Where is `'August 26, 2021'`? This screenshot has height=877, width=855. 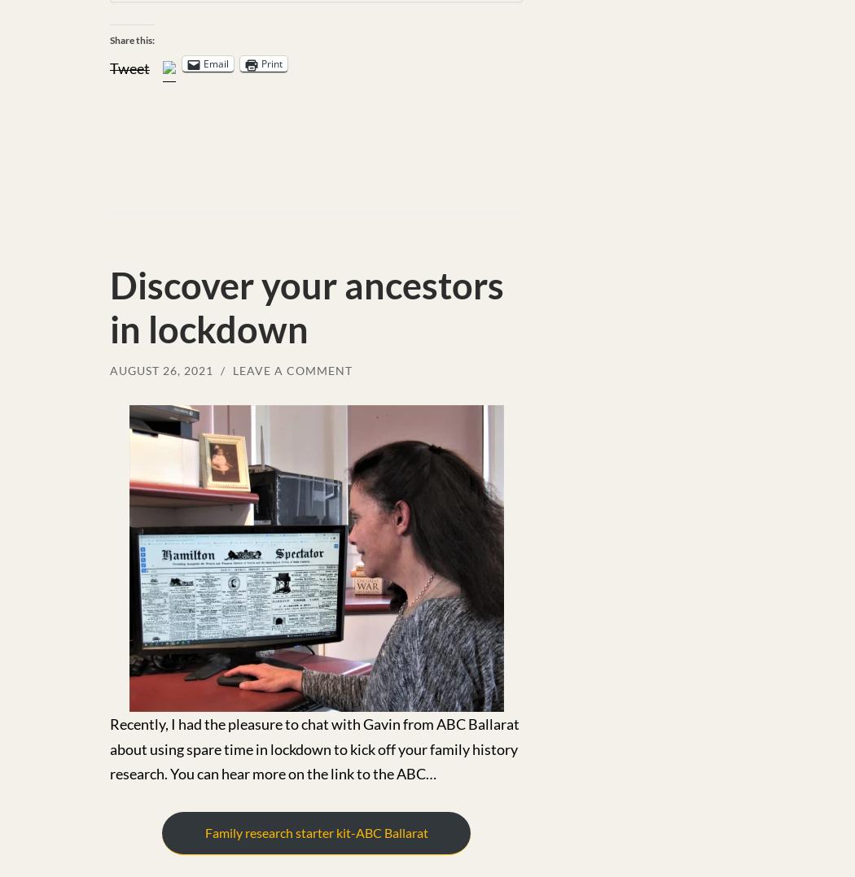
'August 26, 2021' is located at coordinates (160, 369).